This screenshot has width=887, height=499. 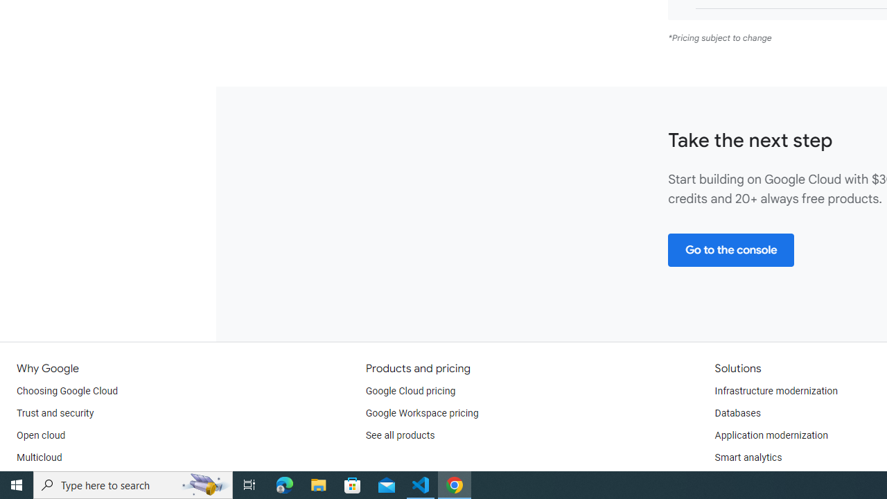 What do you see at coordinates (730, 249) in the screenshot?
I see `'Go to the console'` at bounding box center [730, 249].